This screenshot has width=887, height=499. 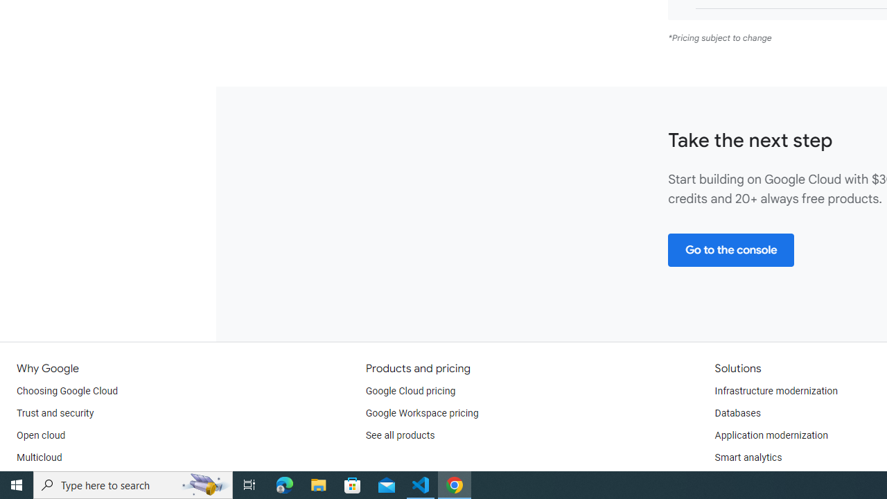 What do you see at coordinates (730, 249) in the screenshot?
I see `'Go to the console'` at bounding box center [730, 249].